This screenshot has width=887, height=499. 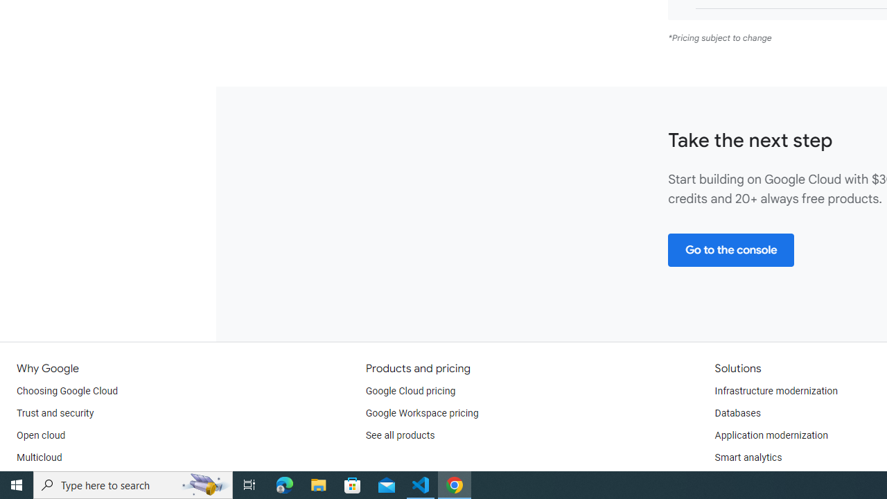 What do you see at coordinates (730, 249) in the screenshot?
I see `'Go to the console'` at bounding box center [730, 249].